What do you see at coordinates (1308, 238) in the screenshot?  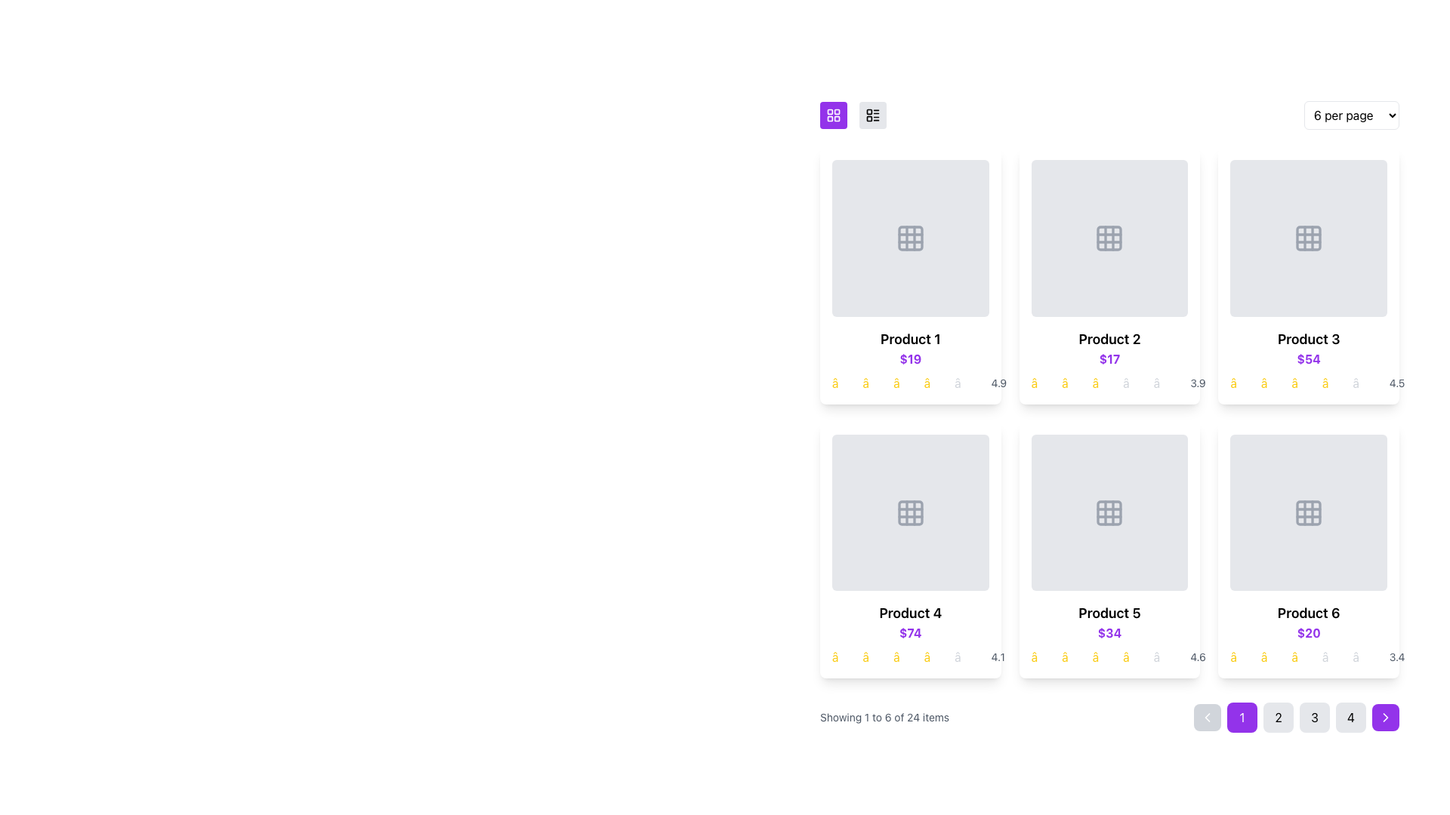 I see `the decorative or placeholder icon inside the 'Product 3' card, located in the first row and third column of the grid layout` at bounding box center [1308, 238].